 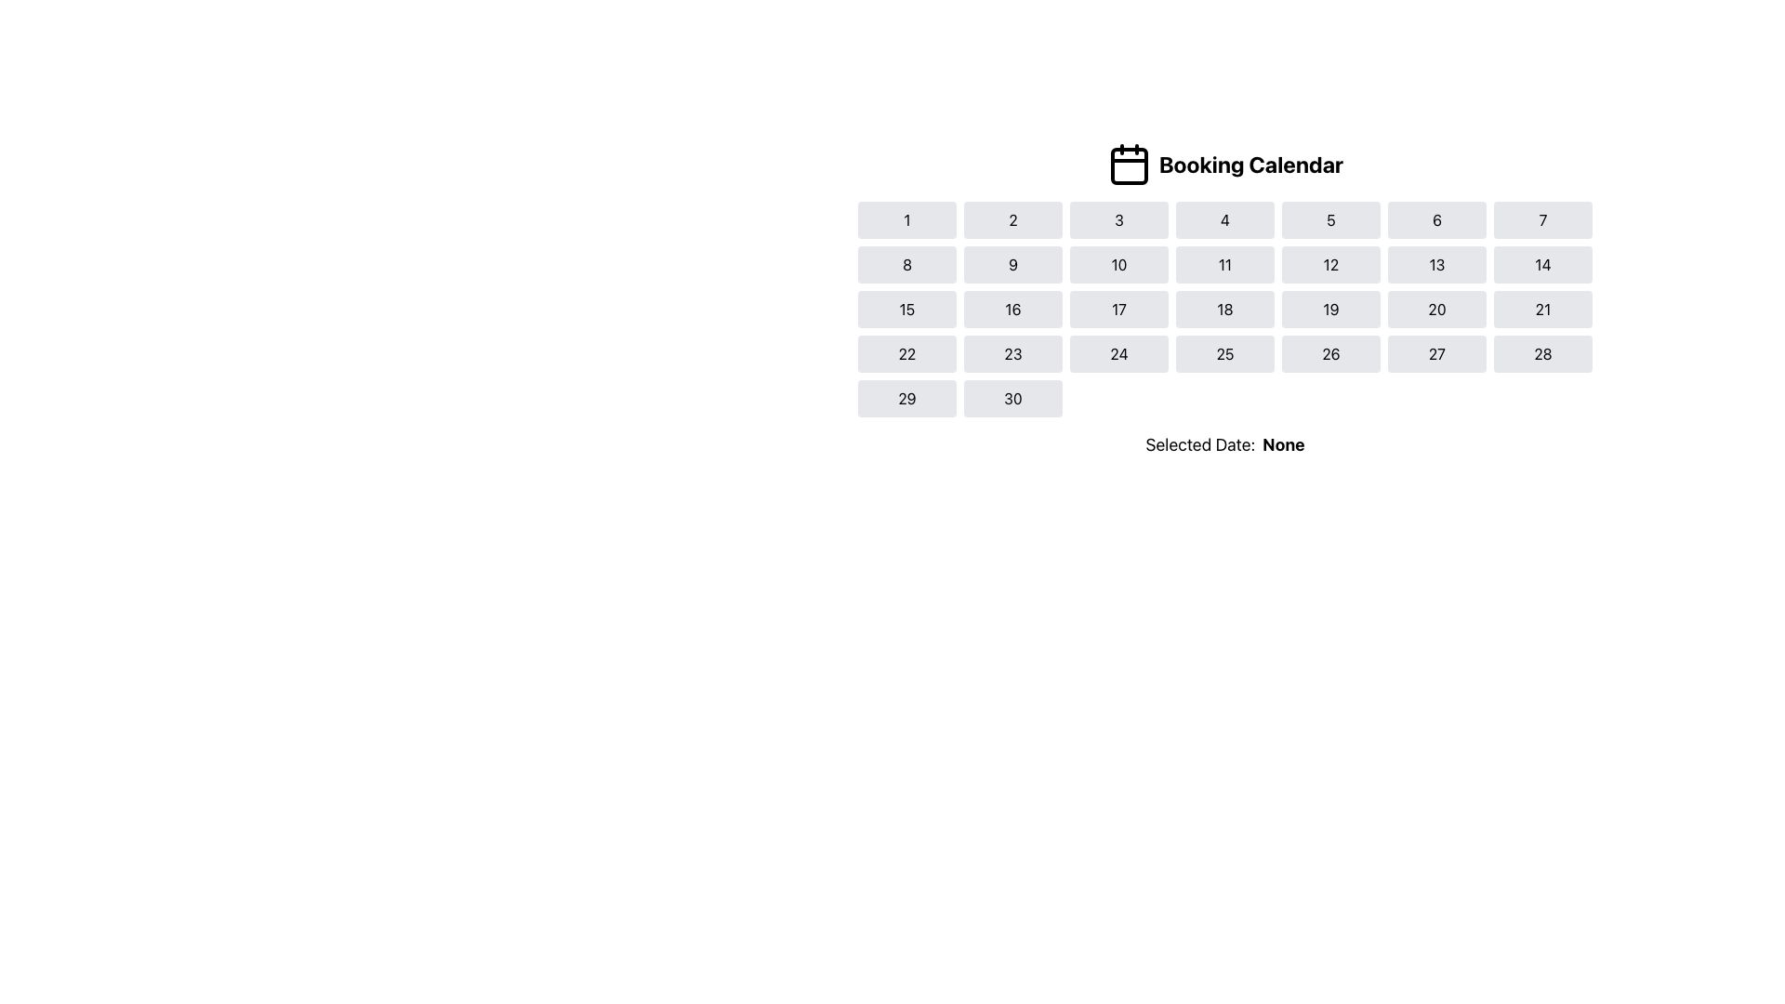 What do you see at coordinates (1011, 265) in the screenshot?
I see `the button located in the second row and second column of the calendar interface` at bounding box center [1011, 265].